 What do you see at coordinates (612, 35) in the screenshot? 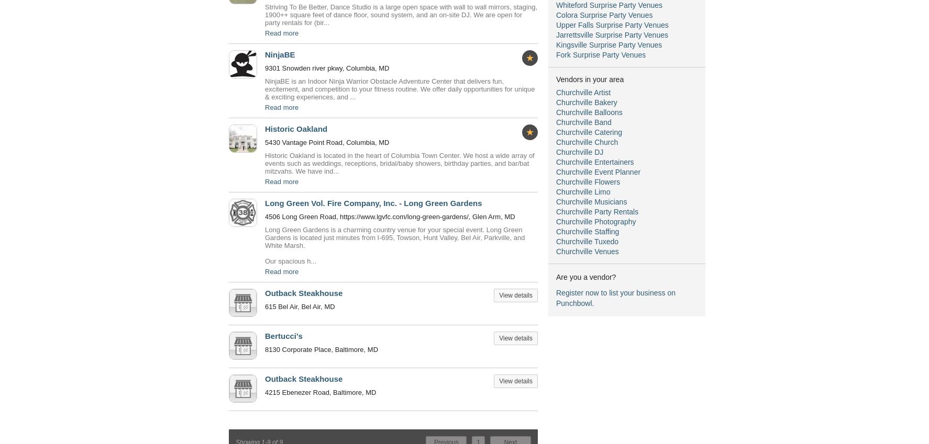
I see `'Jarrettsville Surprise Party Venues'` at bounding box center [612, 35].